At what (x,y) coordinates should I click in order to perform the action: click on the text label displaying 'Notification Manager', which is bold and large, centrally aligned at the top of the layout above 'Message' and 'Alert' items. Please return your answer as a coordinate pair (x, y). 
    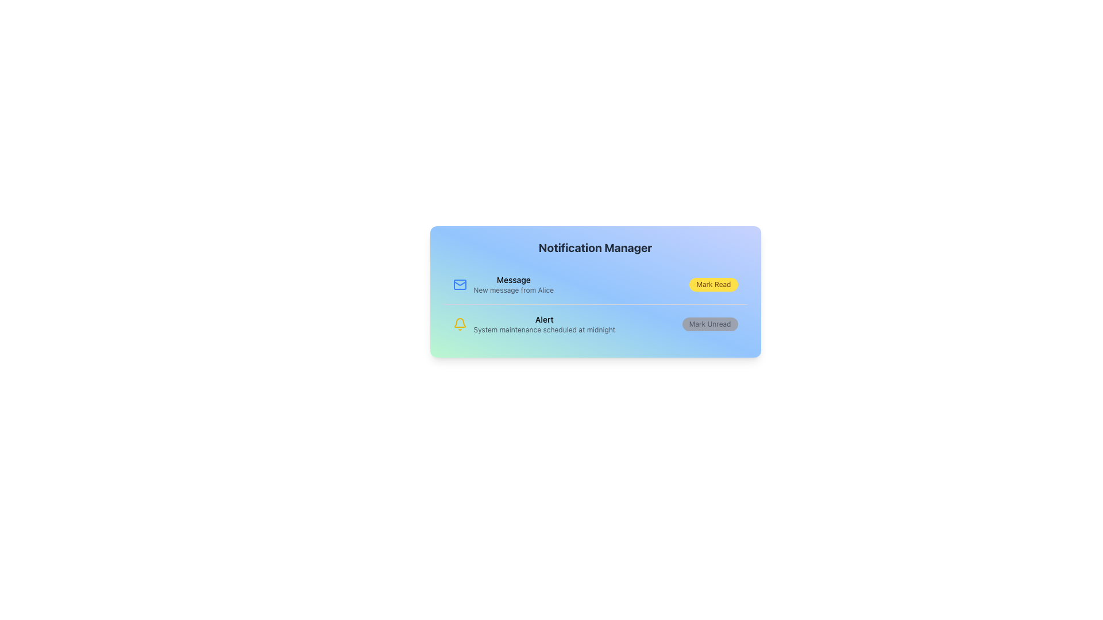
    Looking at the image, I should click on (595, 247).